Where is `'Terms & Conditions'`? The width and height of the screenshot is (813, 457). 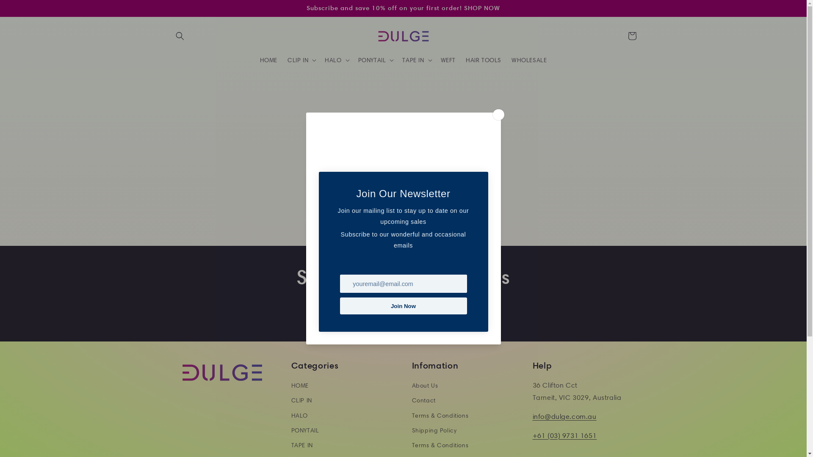
'Terms & Conditions' is located at coordinates (440, 415).